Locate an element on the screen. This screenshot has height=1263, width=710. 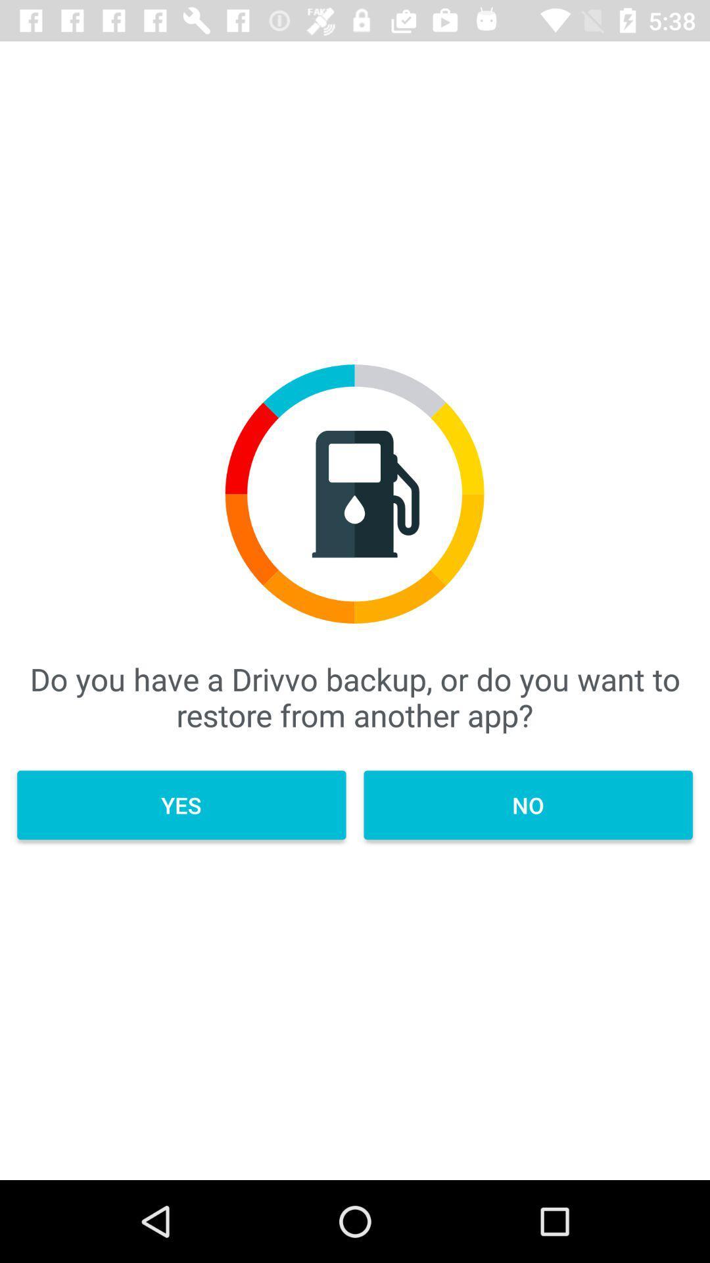
the icon below do you have item is located at coordinates (181, 805).